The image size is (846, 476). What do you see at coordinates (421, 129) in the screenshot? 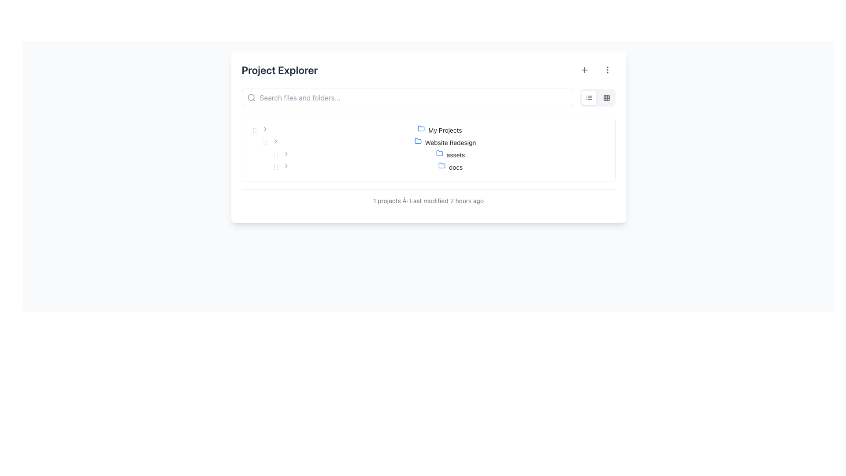
I see `the small blue folder icon next to the 'My Projects' text label in the Project Explorer` at bounding box center [421, 129].